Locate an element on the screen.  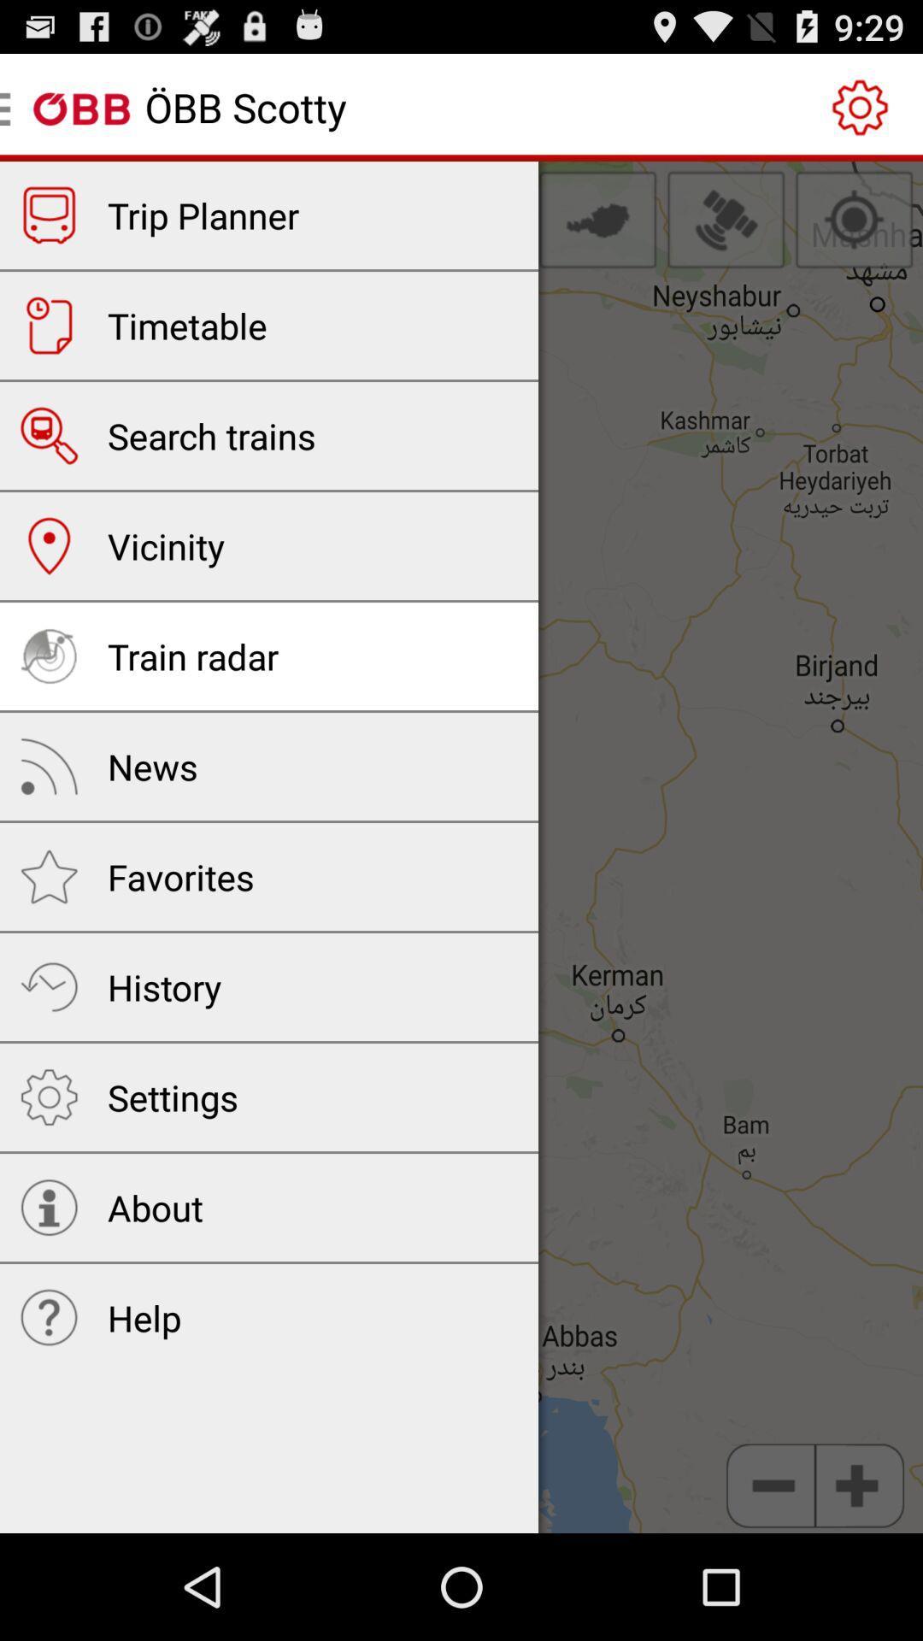
vicinity item is located at coordinates (166, 544).